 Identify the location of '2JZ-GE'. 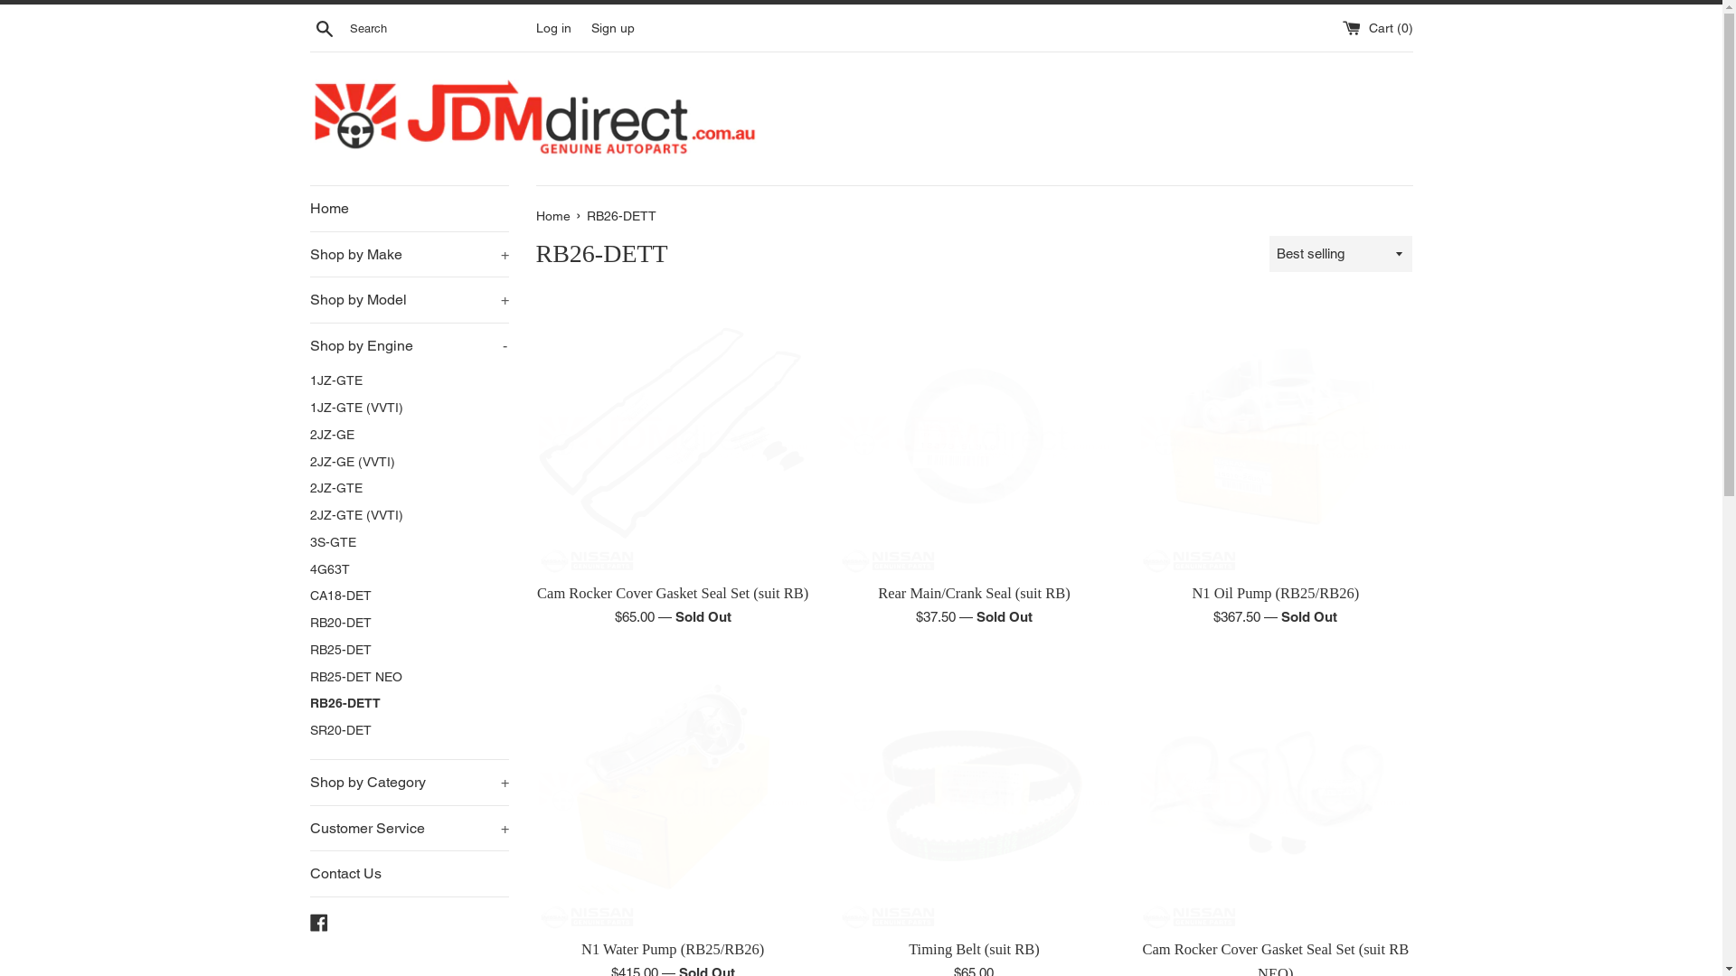
(407, 436).